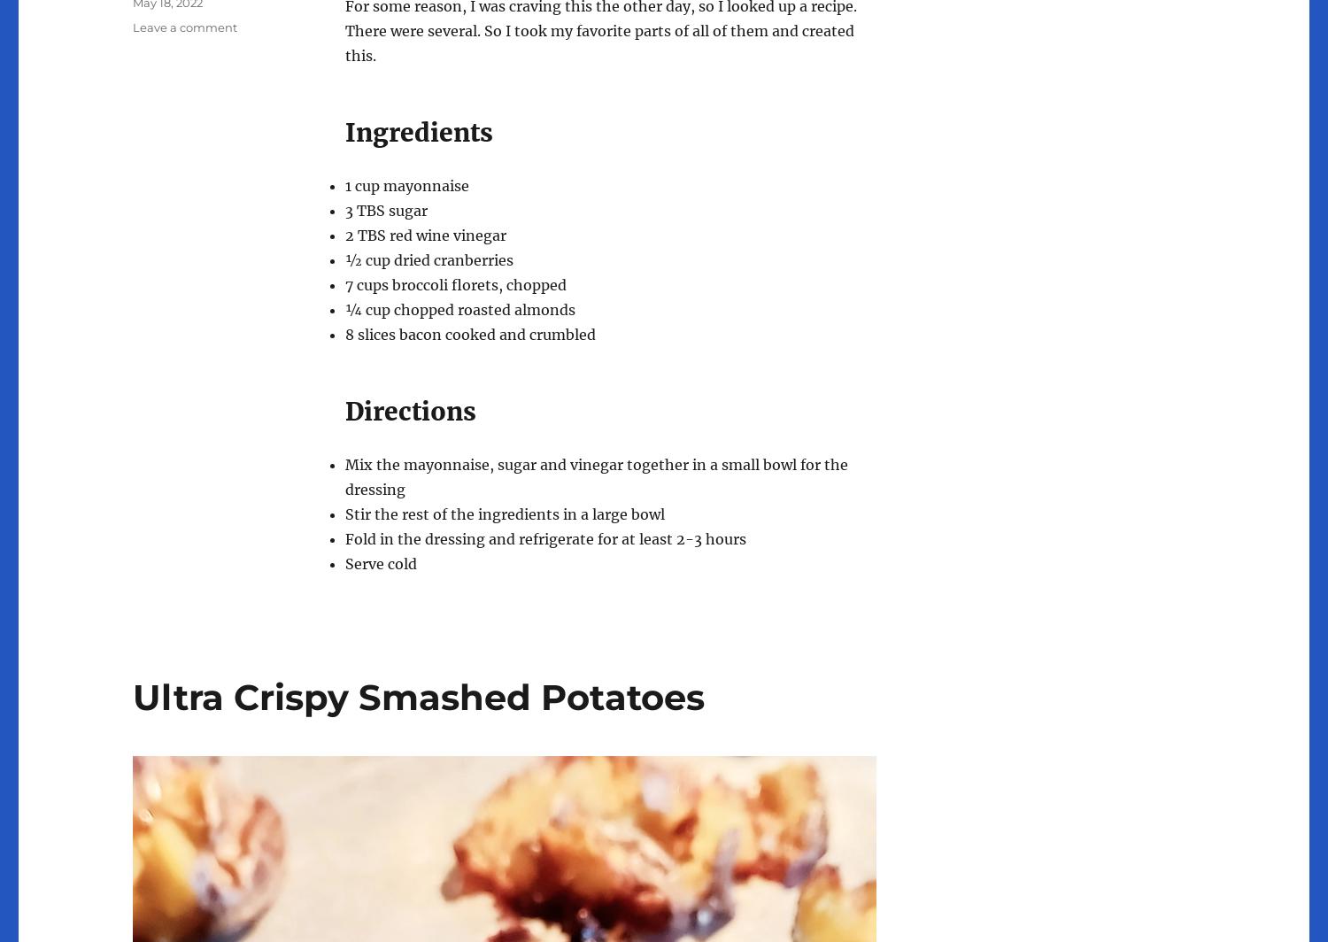  Describe the element at coordinates (470, 333) in the screenshot. I see `'8 slices bacon cooked and crumbled'` at that location.